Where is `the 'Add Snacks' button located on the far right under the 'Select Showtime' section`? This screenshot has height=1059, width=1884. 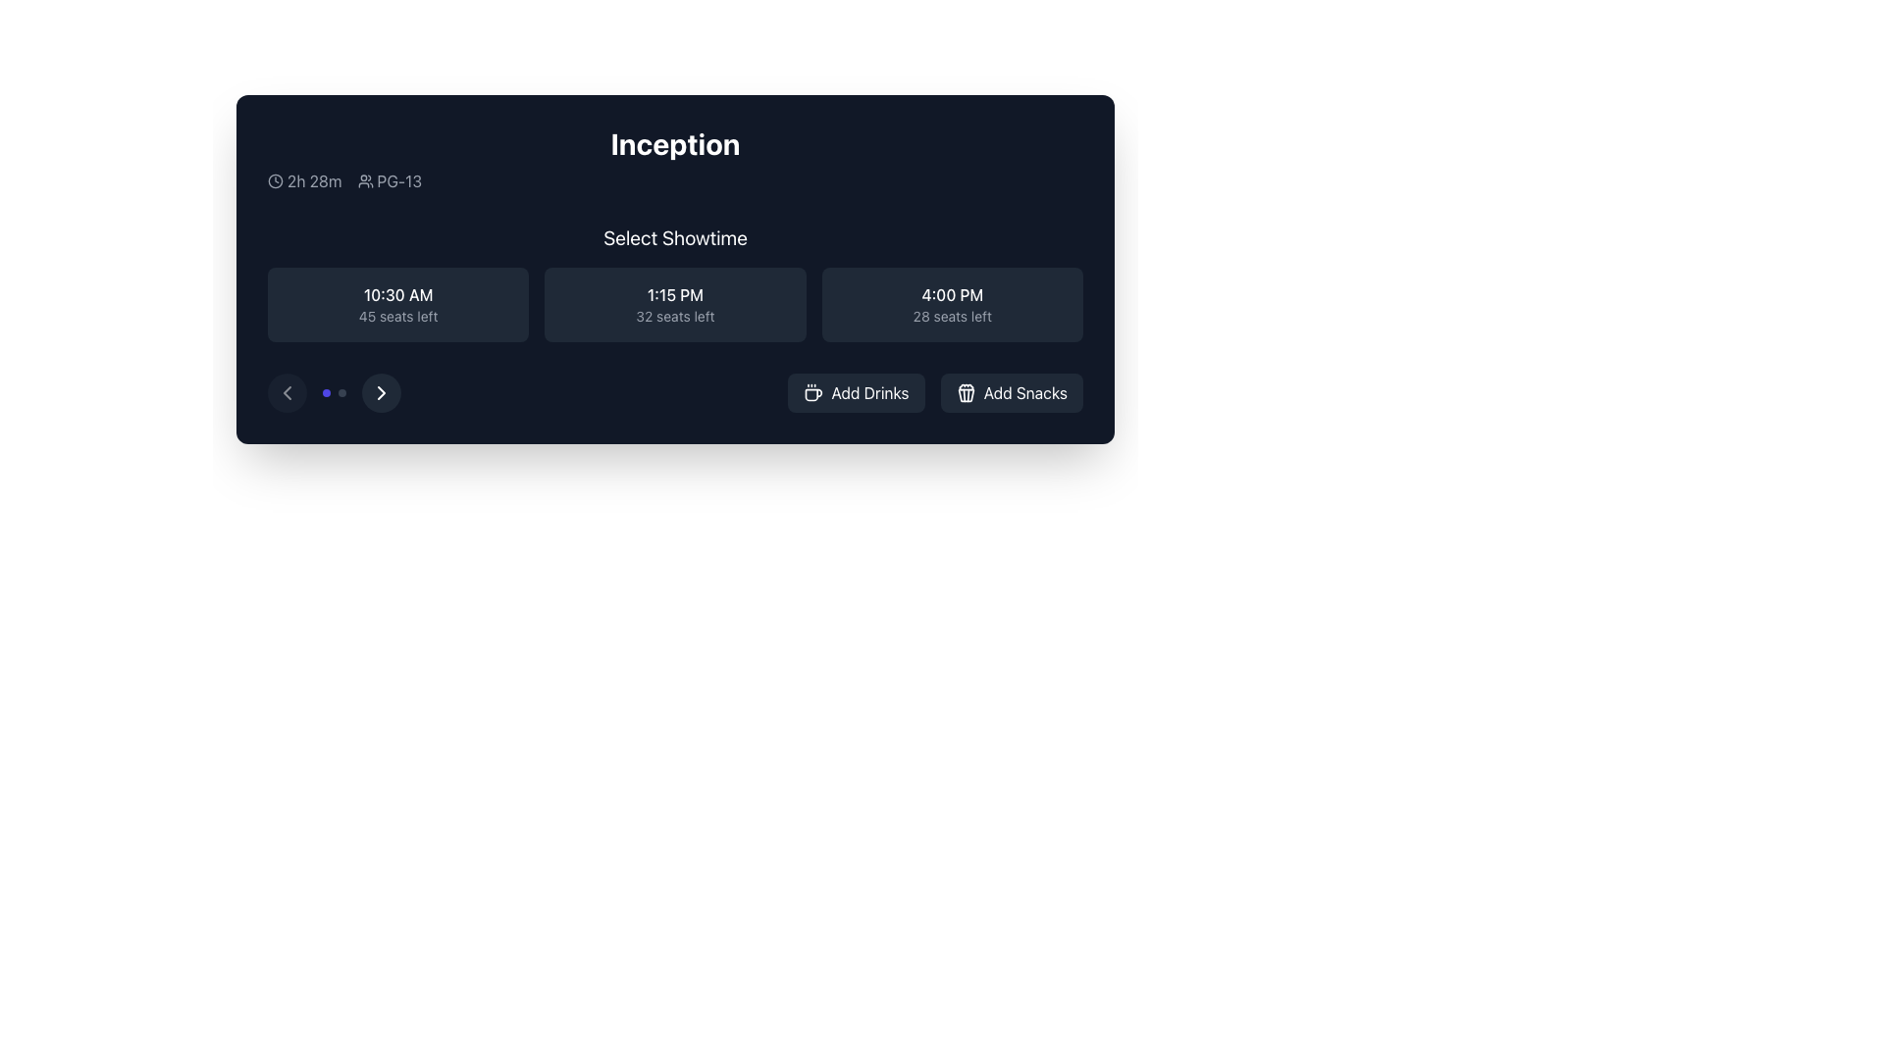 the 'Add Snacks' button located on the far right under the 'Select Showtime' section is located at coordinates (1012, 393).